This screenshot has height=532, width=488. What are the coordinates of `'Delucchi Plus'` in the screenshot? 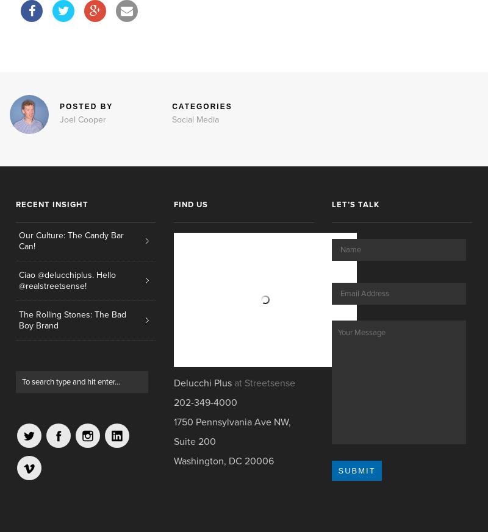 It's located at (174, 383).